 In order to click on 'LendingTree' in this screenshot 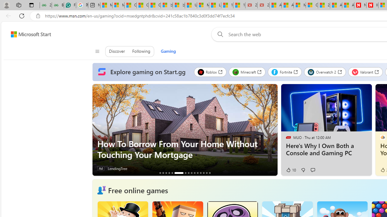, I will do `click(117, 168)`.